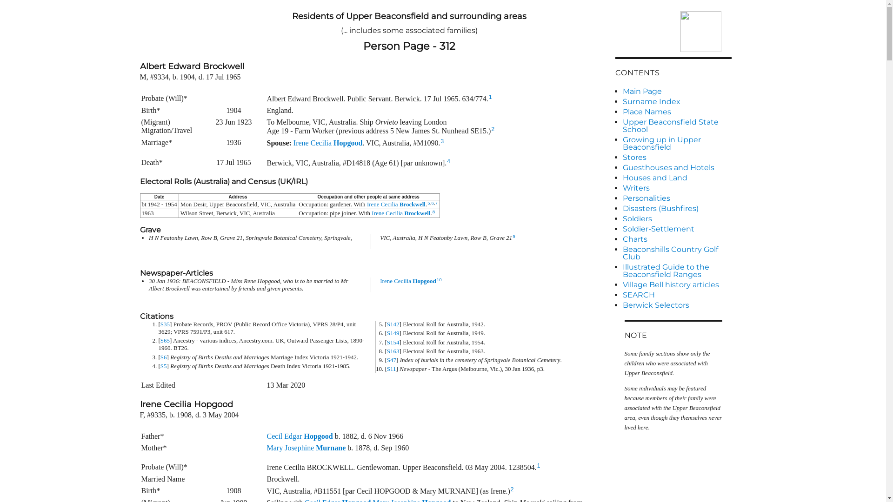 This screenshot has width=893, height=502. I want to click on 'Upper Beaconsfield State School', so click(622, 125).